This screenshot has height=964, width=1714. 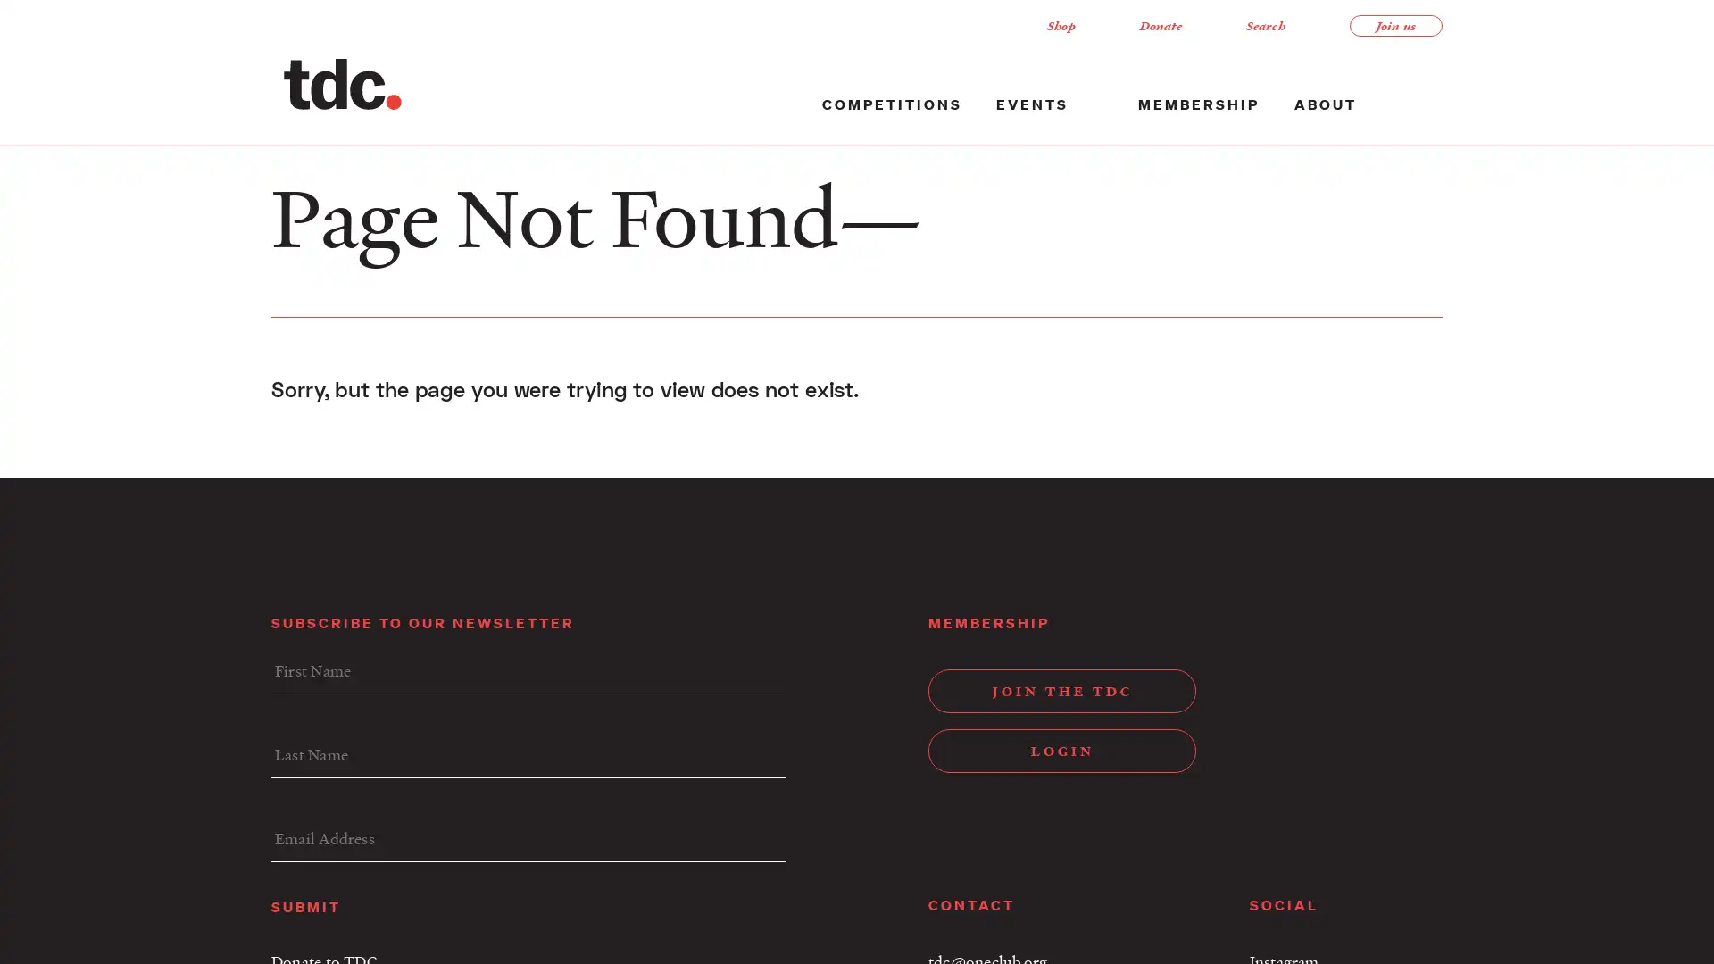 What do you see at coordinates (305, 905) in the screenshot?
I see `Submit` at bounding box center [305, 905].